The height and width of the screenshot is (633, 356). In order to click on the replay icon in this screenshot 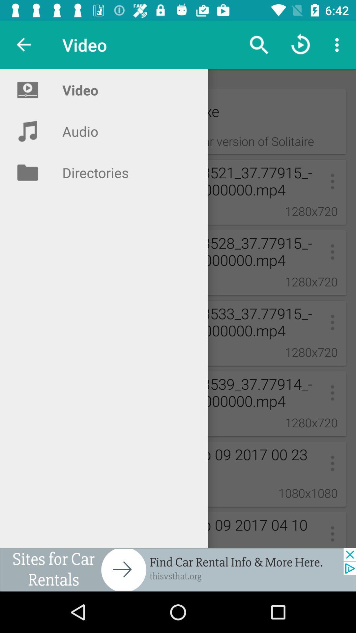, I will do `click(300, 45)`.